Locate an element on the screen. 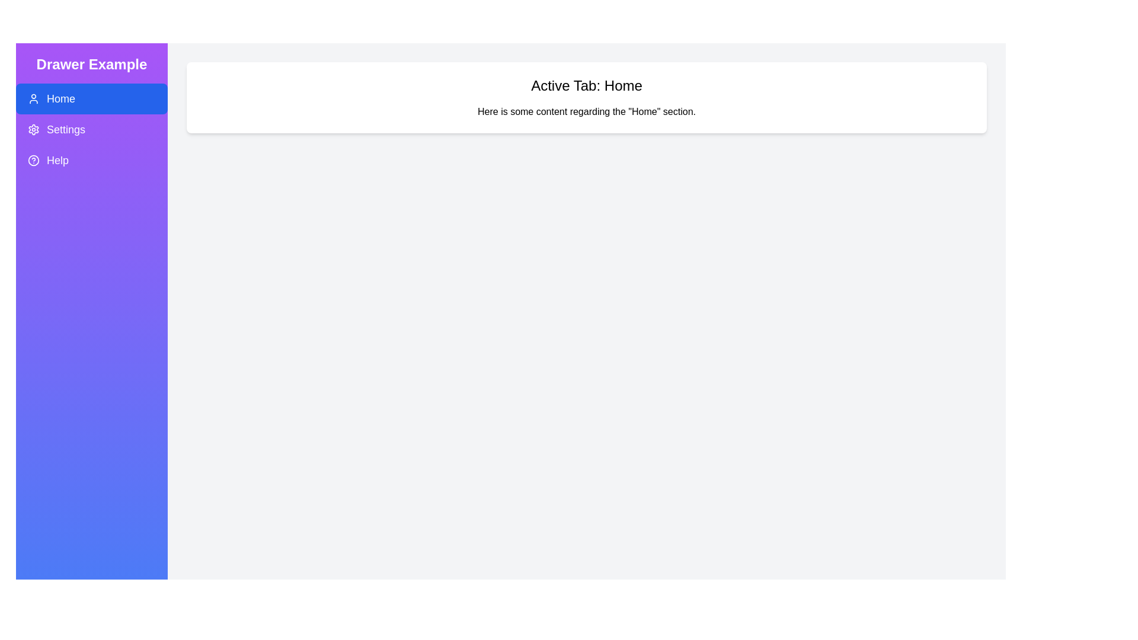  the menu item Settings in the drawer is located at coordinates (91, 130).